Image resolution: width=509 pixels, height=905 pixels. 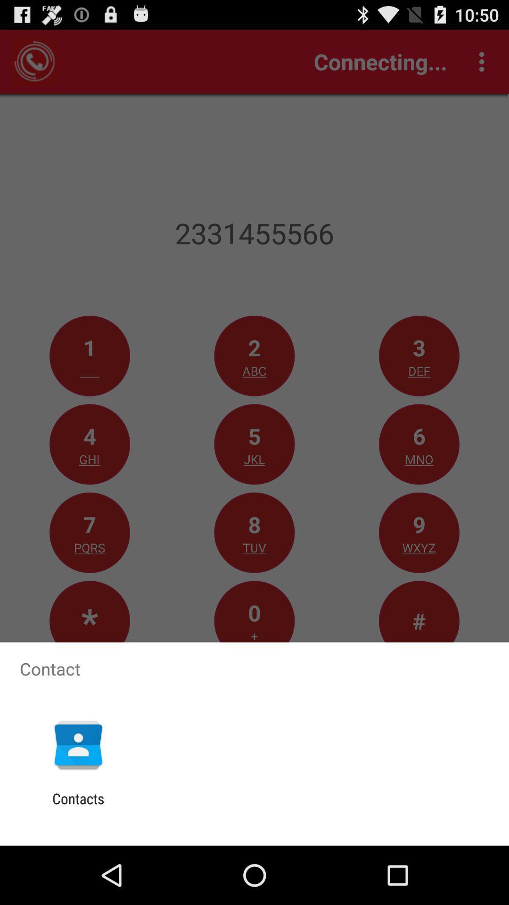 I want to click on contacts app, so click(x=78, y=806).